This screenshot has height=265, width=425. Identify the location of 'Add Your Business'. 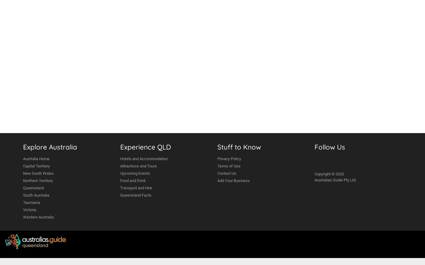
(233, 181).